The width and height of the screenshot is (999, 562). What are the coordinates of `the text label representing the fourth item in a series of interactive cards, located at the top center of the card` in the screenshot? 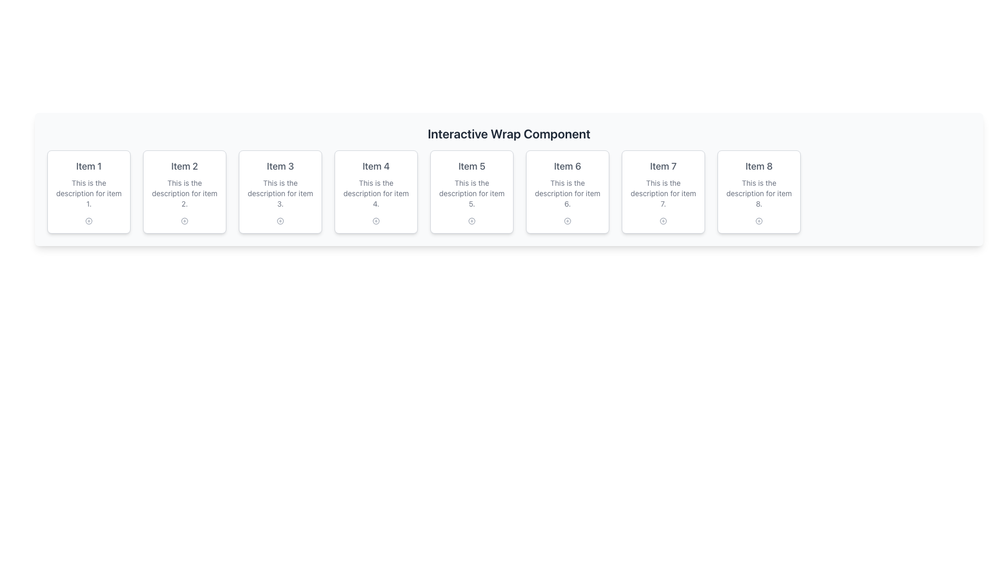 It's located at (376, 166).